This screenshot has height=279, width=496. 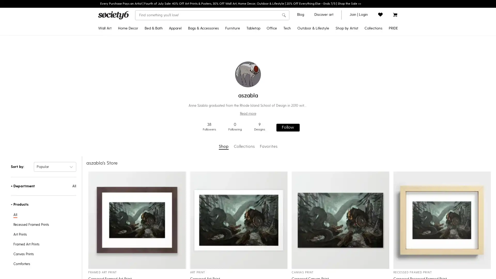 What do you see at coordinates (333, 41) in the screenshot?
I see `Disney` at bounding box center [333, 41].